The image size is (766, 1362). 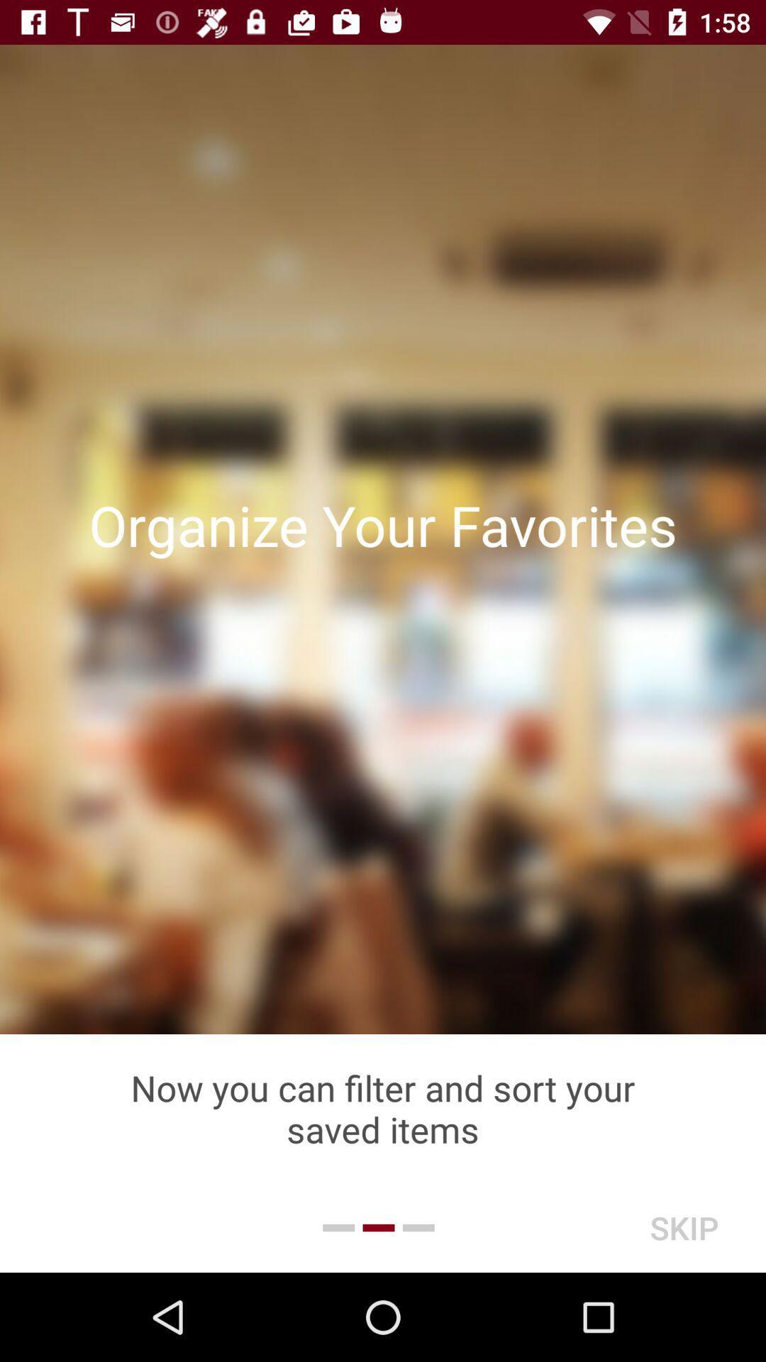 I want to click on the icon above skip, so click(x=383, y=1108).